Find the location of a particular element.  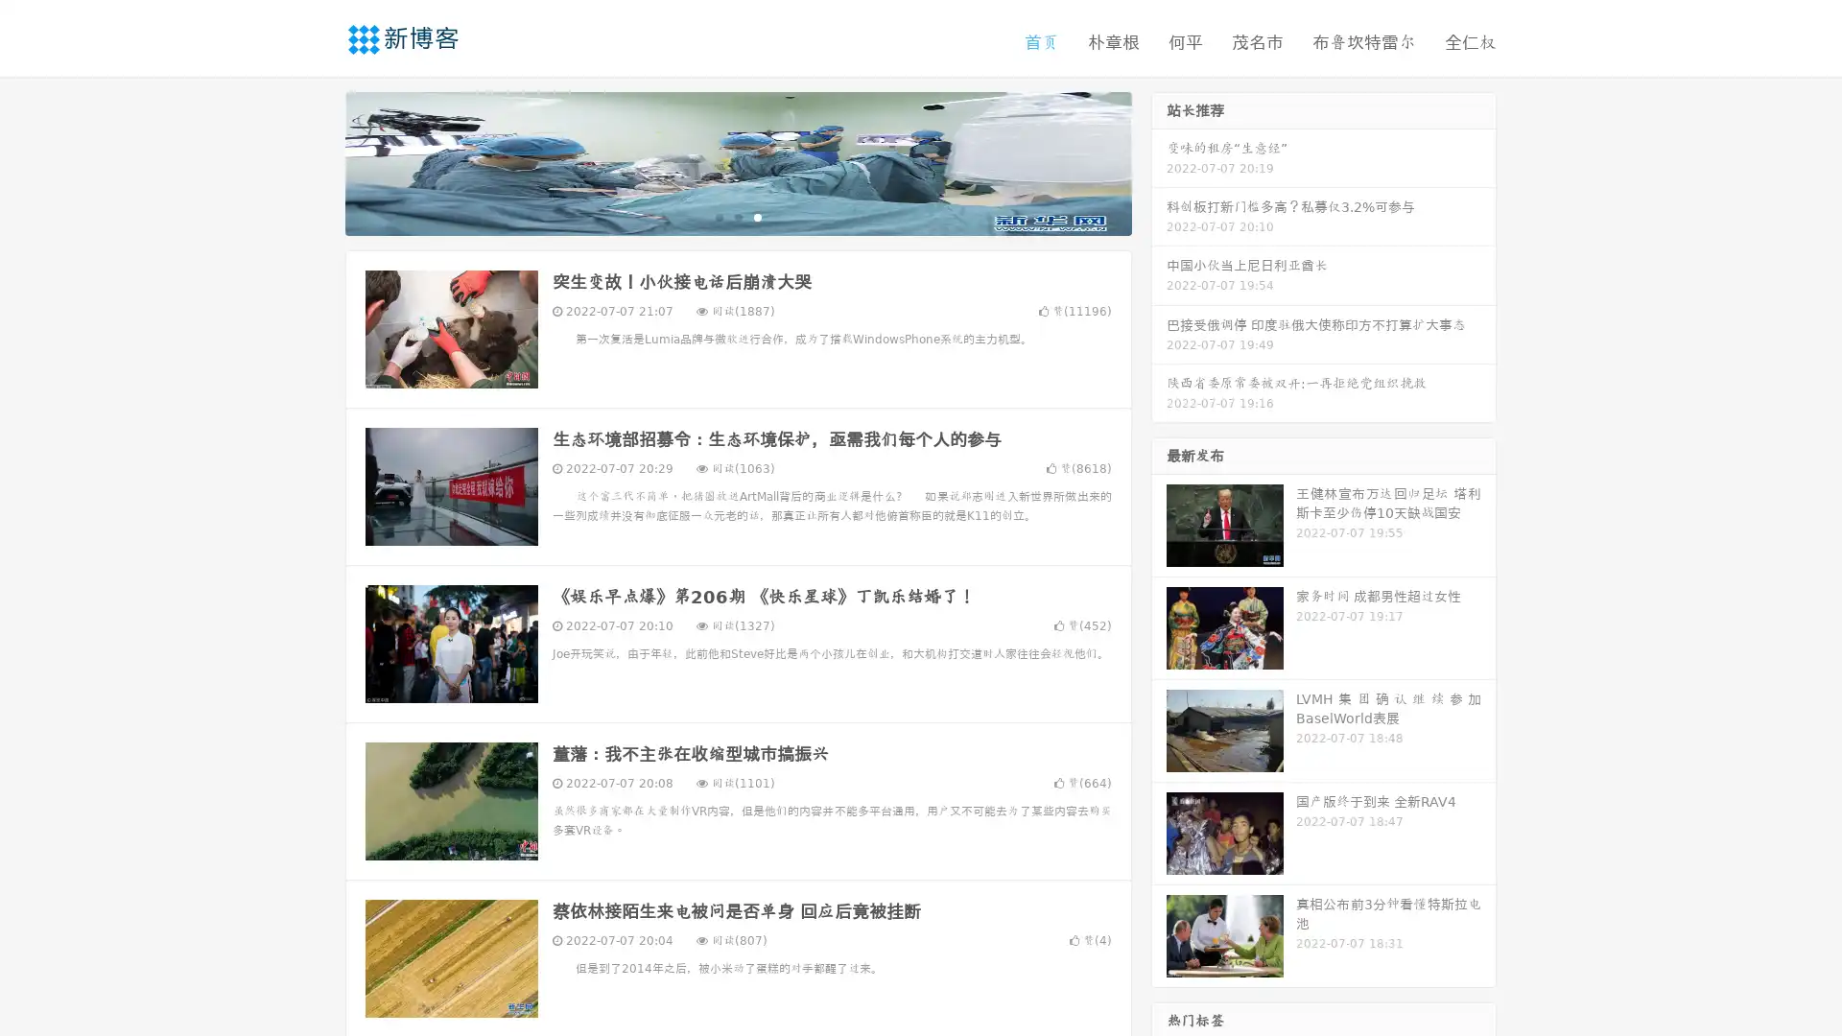

Previous slide is located at coordinates (317, 161).